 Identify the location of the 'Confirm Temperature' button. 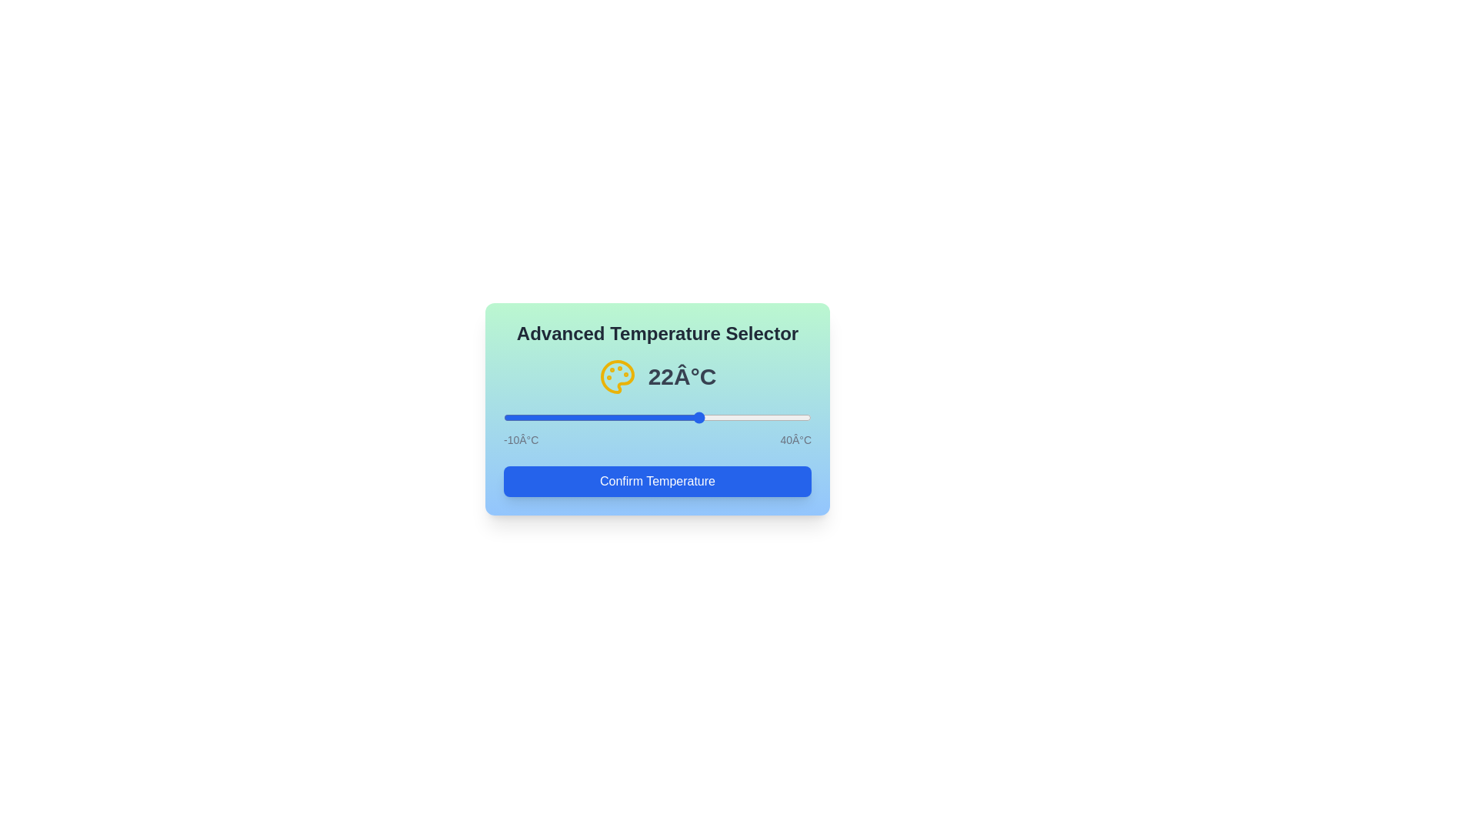
(657, 480).